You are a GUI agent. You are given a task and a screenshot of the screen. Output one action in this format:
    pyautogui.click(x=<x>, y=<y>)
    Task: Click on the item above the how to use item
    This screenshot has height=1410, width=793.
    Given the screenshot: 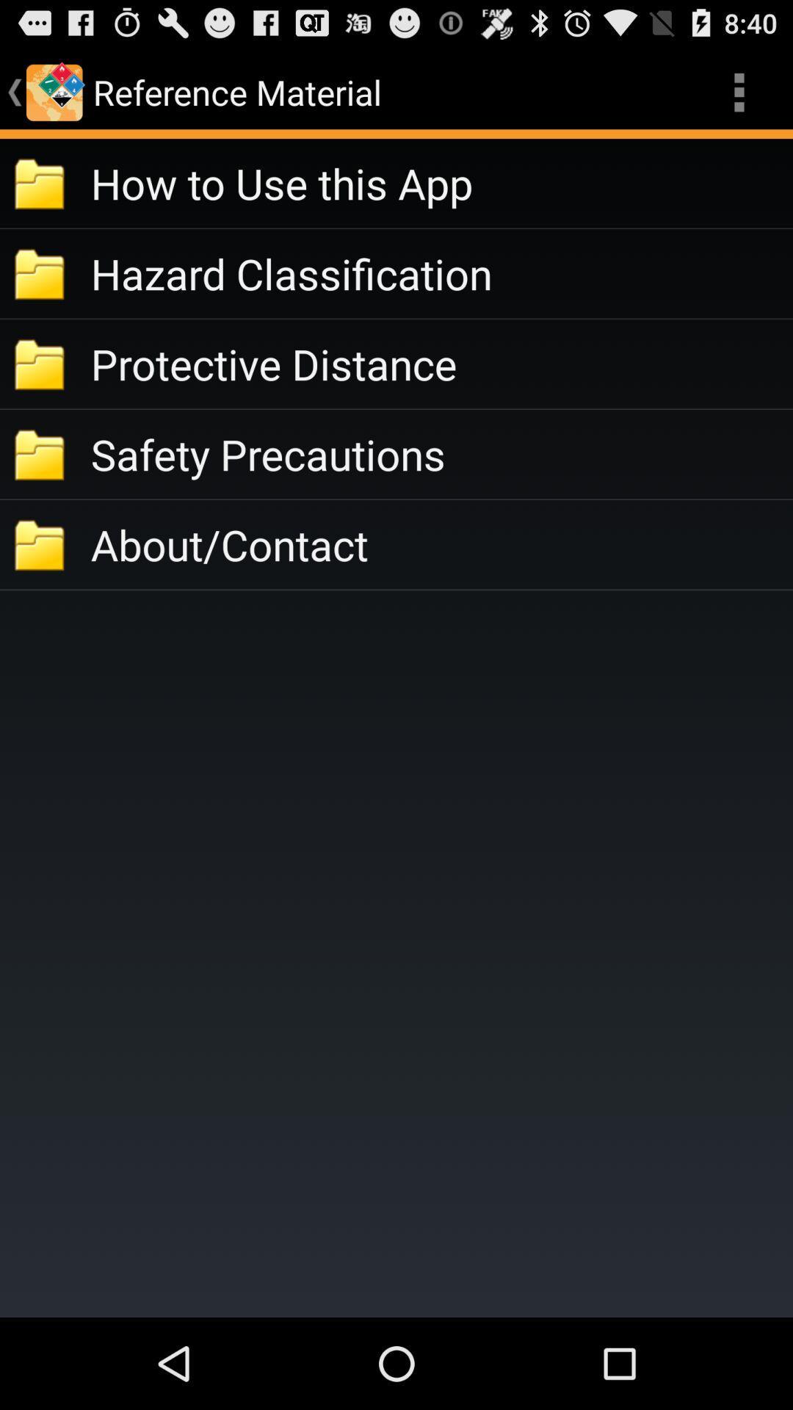 What is the action you would take?
    pyautogui.click(x=739, y=91)
    